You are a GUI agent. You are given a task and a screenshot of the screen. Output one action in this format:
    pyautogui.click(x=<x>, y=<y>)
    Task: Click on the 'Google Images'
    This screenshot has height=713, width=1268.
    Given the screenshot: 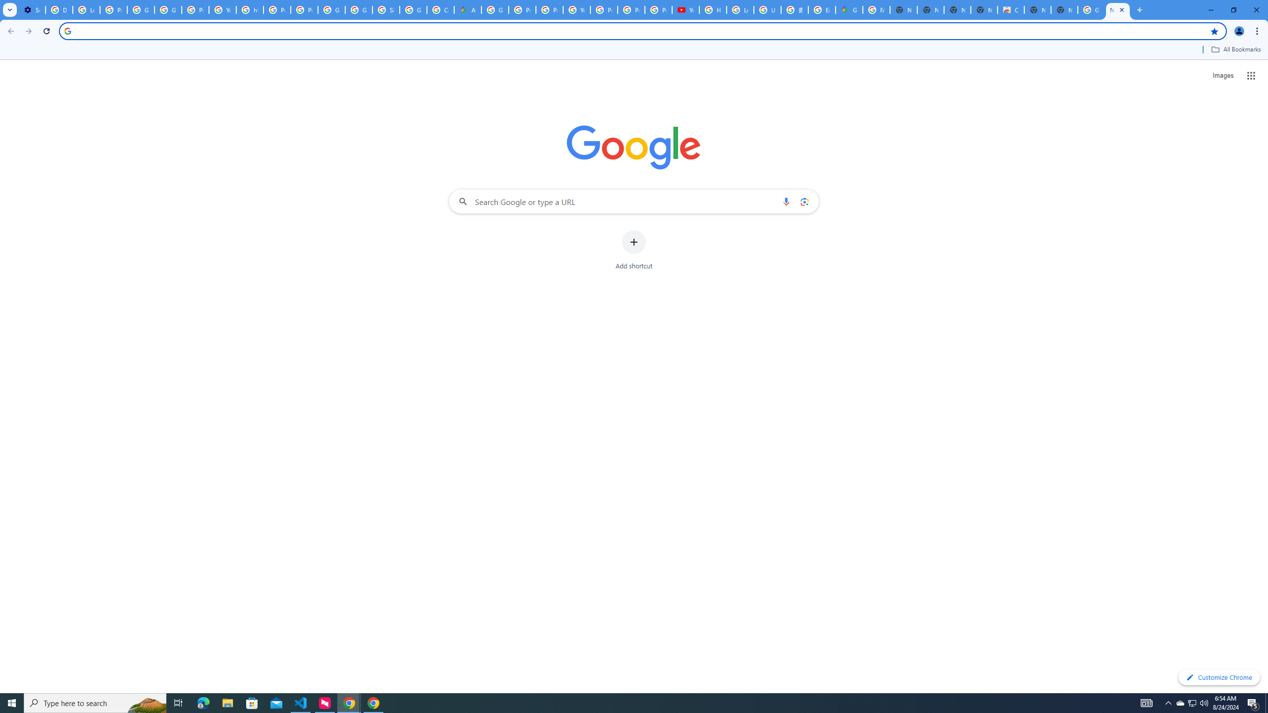 What is the action you would take?
    pyautogui.click(x=1090, y=9)
    